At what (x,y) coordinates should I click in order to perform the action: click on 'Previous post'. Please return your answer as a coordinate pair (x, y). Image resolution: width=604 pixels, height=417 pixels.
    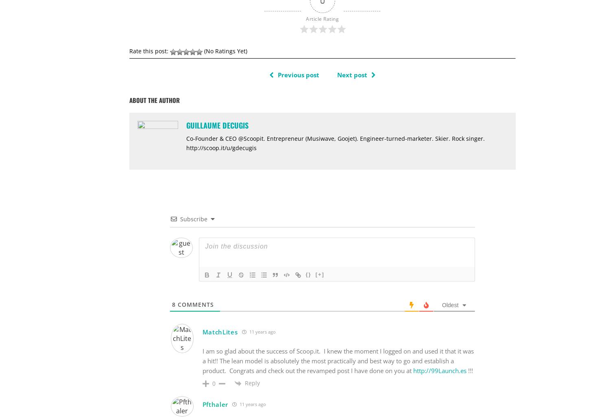
    Looking at the image, I should click on (297, 74).